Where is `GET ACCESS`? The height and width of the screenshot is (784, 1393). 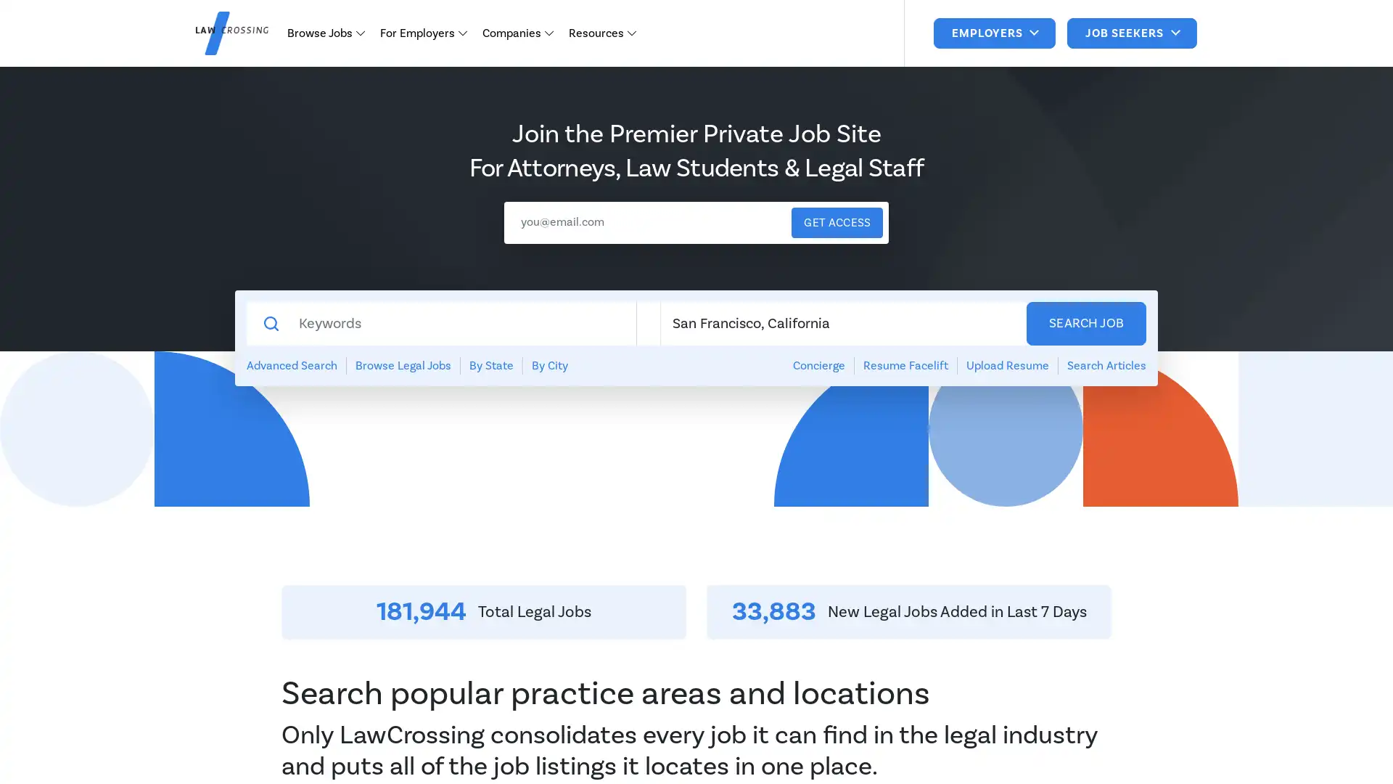 GET ACCESS is located at coordinates (837, 223).